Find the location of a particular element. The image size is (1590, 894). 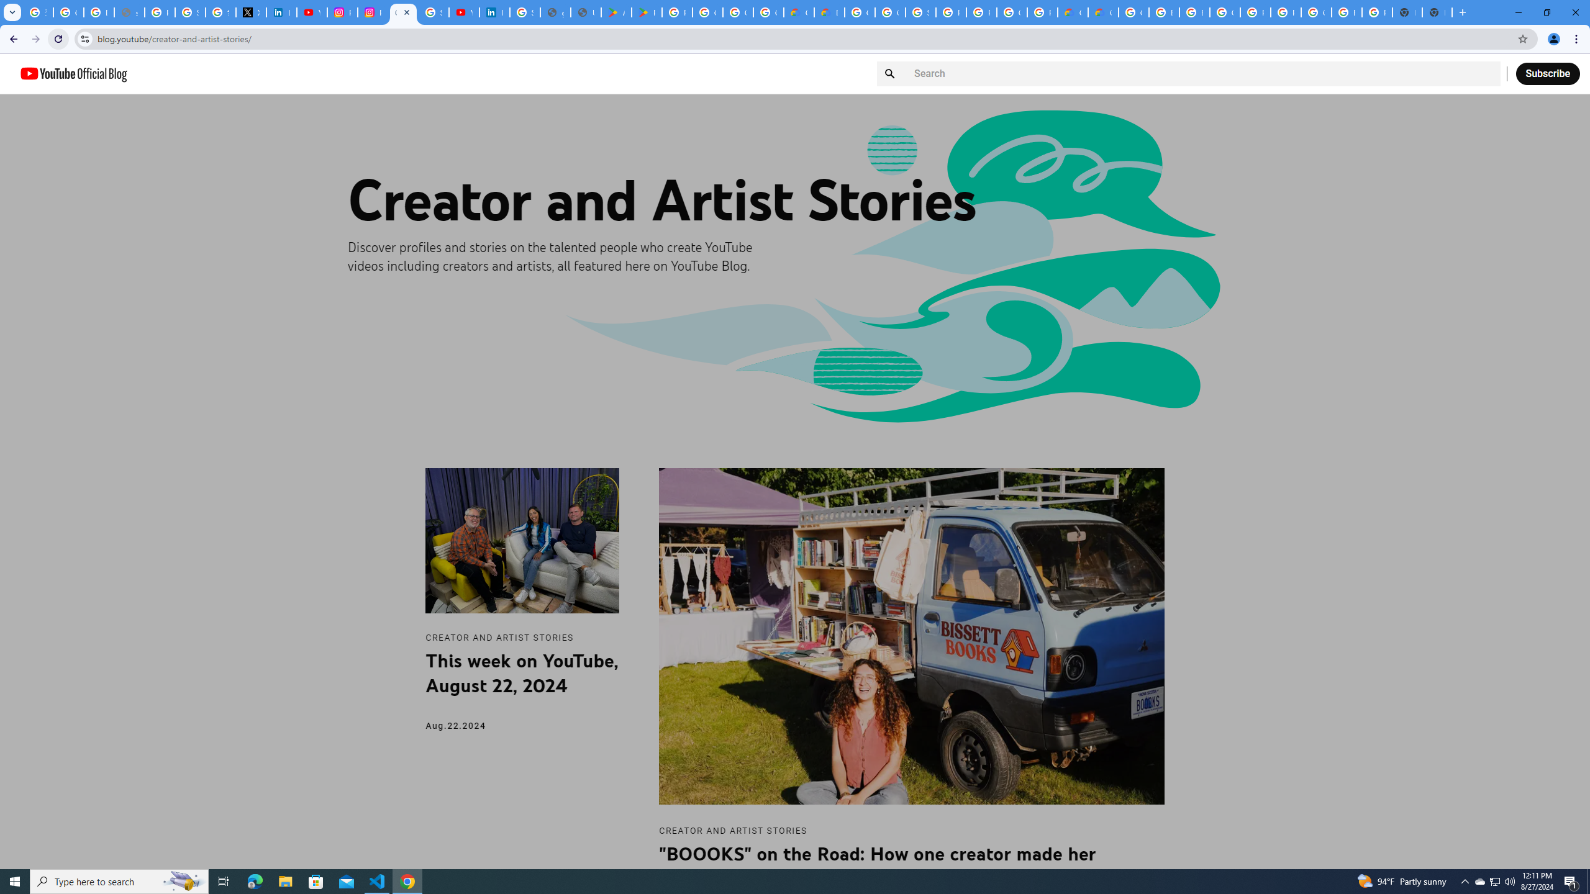

'X' is located at coordinates (250, 12).